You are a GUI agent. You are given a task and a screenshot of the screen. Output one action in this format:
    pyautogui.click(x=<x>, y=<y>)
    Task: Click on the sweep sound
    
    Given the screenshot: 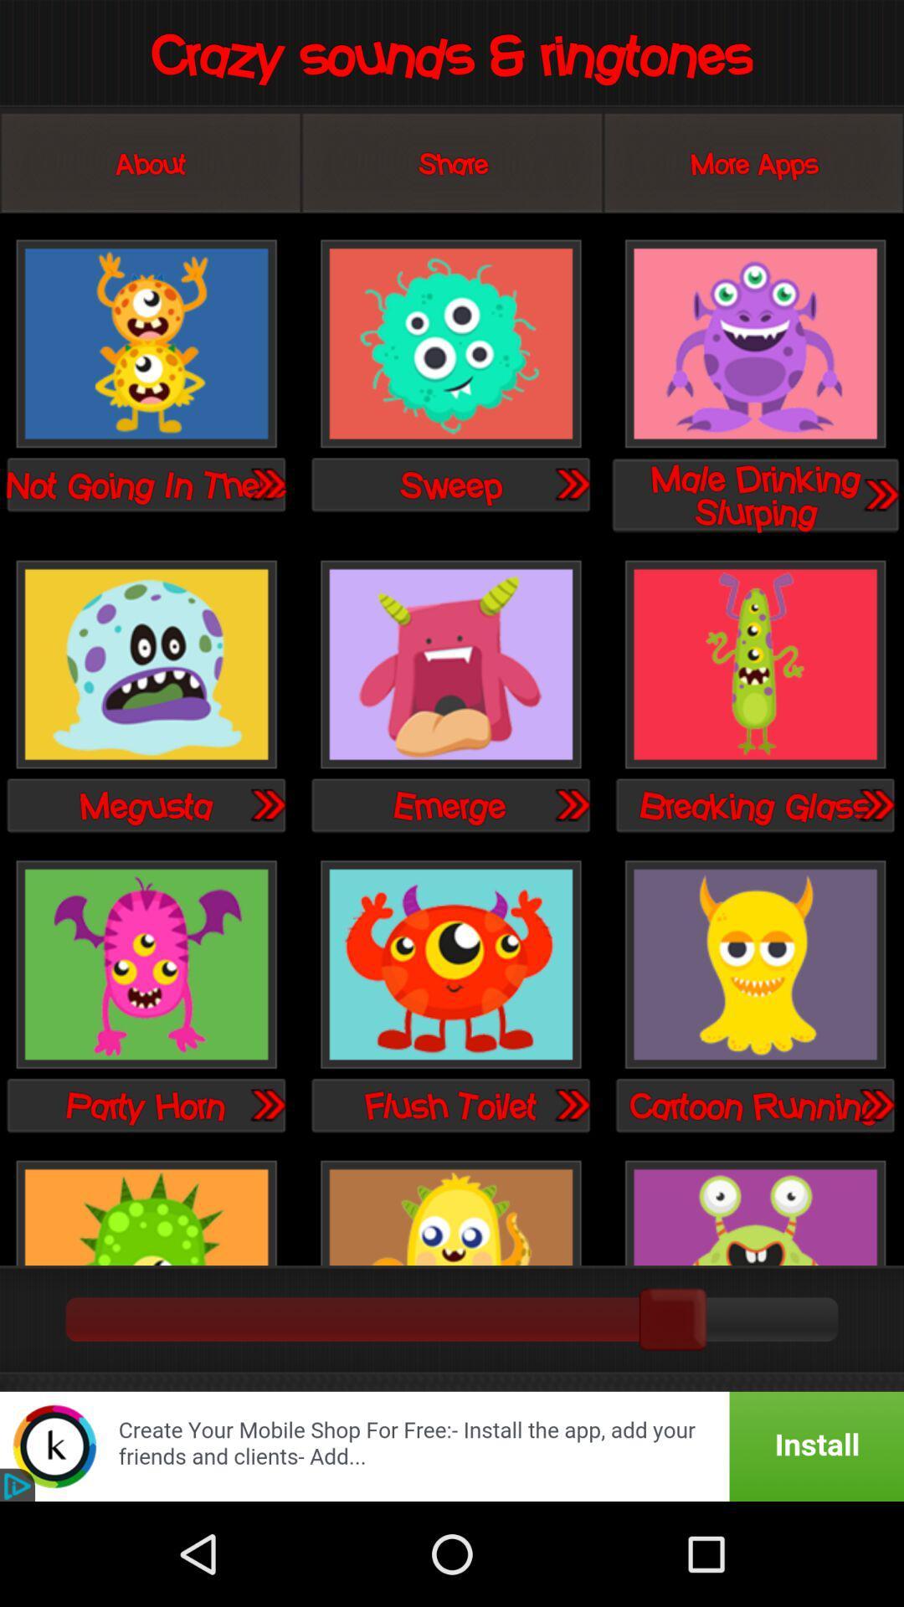 What is the action you would take?
    pyautogui.click(x=571, y=483)
    